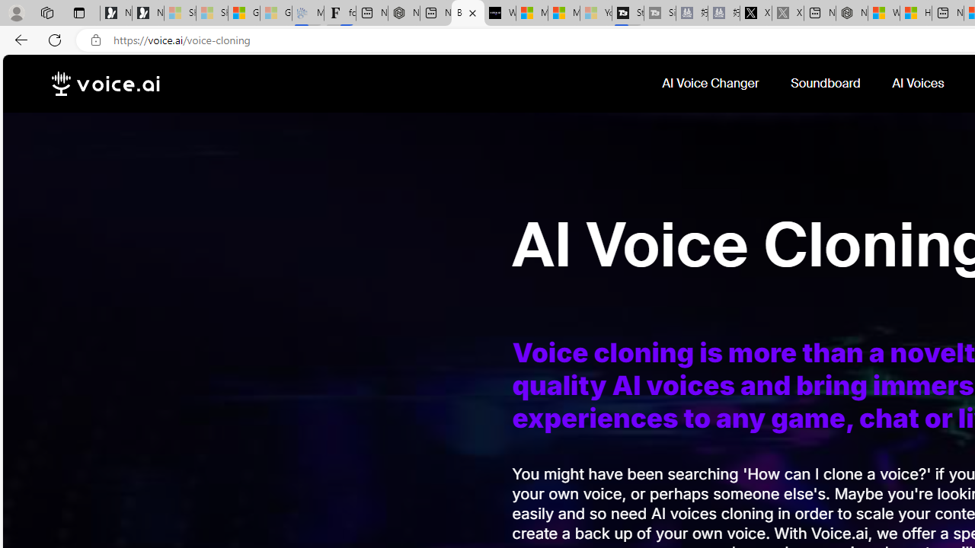 This screenshot has height=548, width=975. Describe the element at coordinates (826, 83) in the screenshot. I see `'Soundboard '` at that location.